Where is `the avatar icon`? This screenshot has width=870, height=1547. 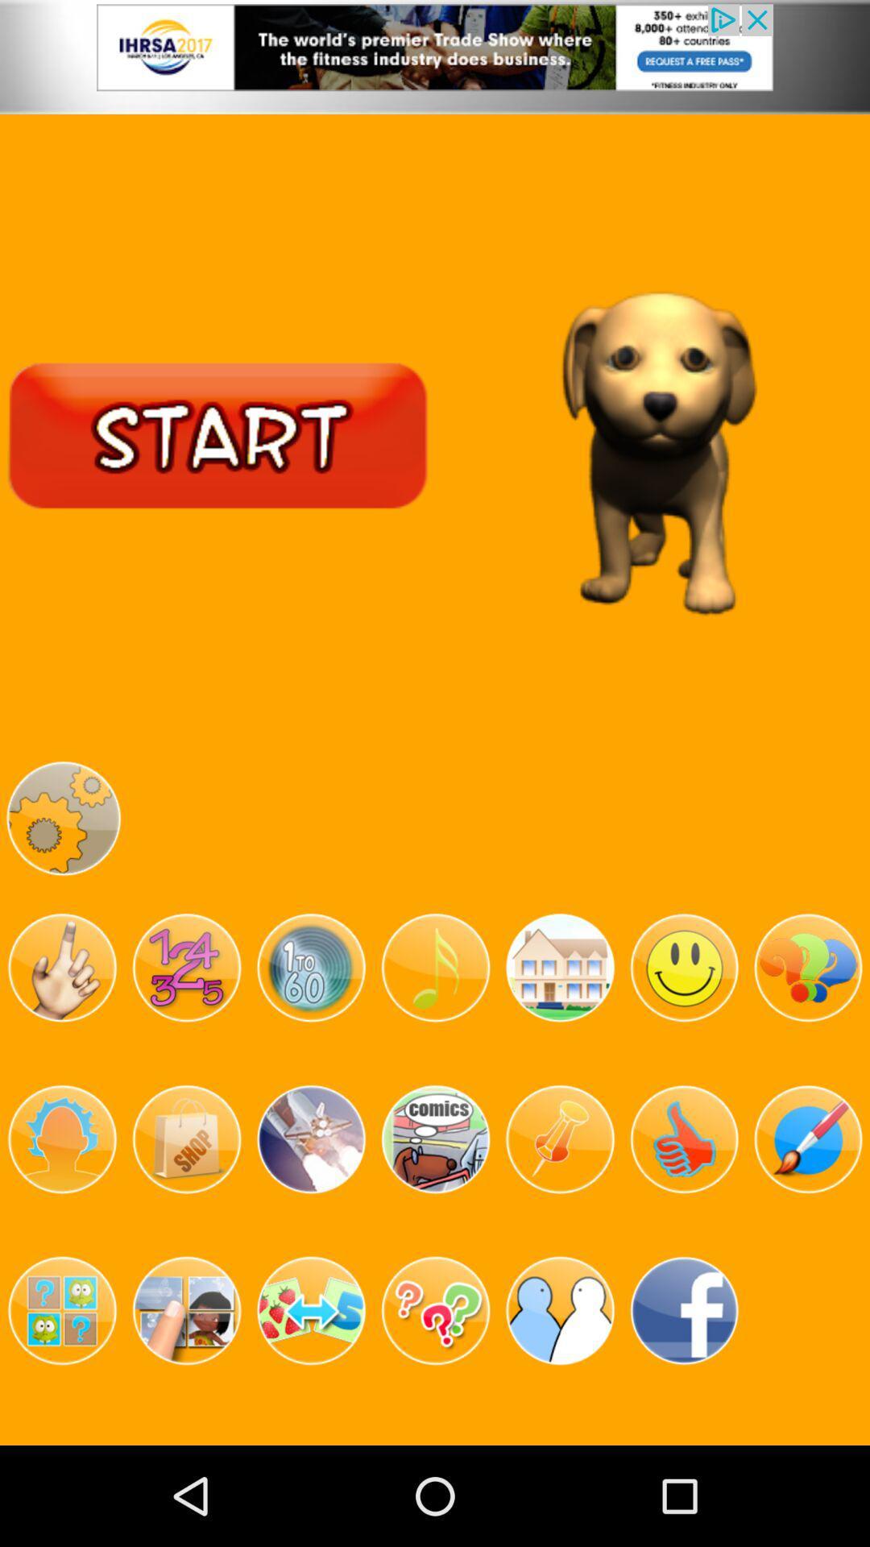 the avatar icon is located at coordinates (61, 1219).